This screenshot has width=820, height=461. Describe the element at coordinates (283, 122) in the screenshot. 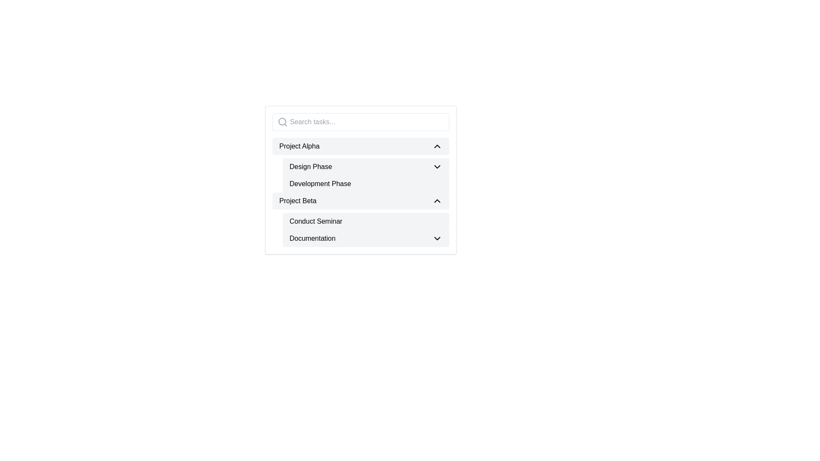

I see `the search icon located on the left side of the input field with placeholder text 'Search tasks...'` at that location.